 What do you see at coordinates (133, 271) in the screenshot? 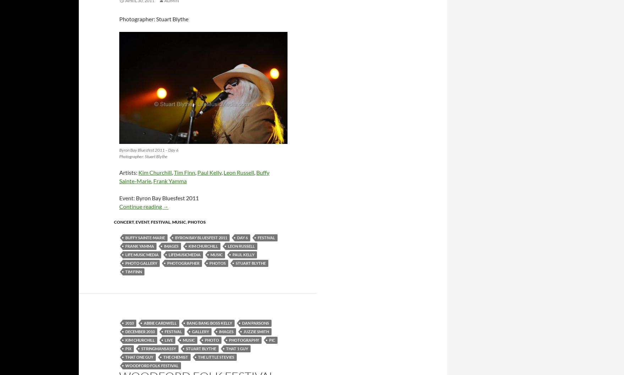
I see `'tim finn'` at bounding box center [133, 271].